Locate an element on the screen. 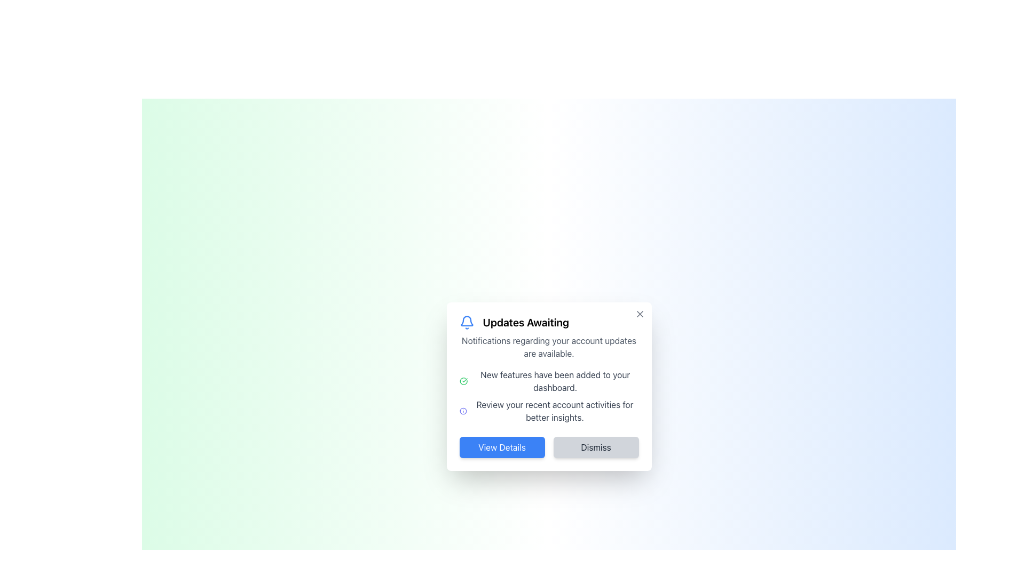 Image resolution: width=1025 pixels, height=576 pixels. informational text that notifies the user about new features added to their dashboard, located below the bold heading 'Updates Awaiting' in the notification box is located at coordinates (549, 380).